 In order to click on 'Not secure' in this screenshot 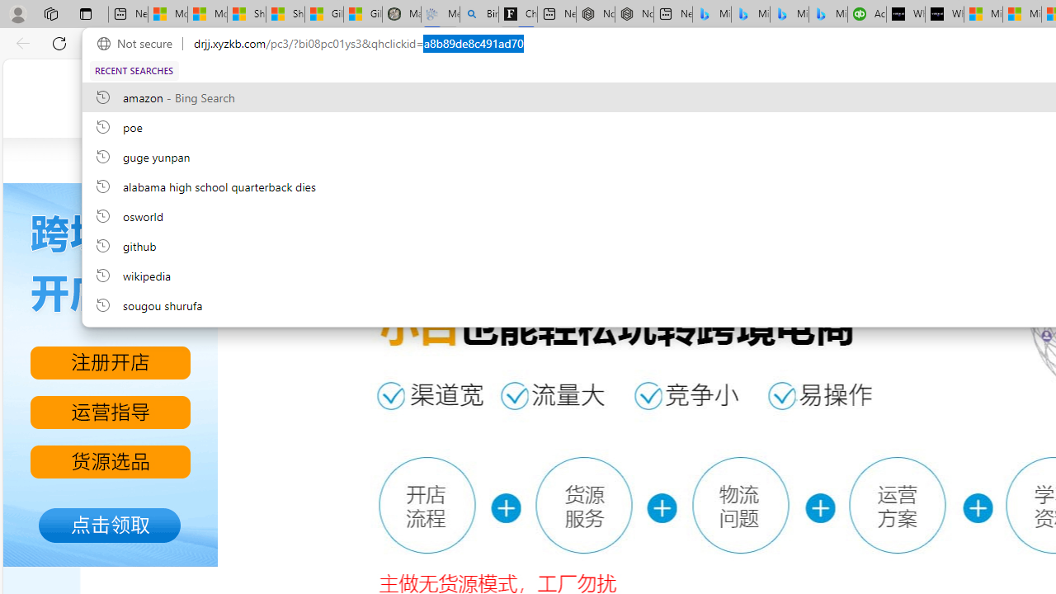, I will do `click(139, 43)`.